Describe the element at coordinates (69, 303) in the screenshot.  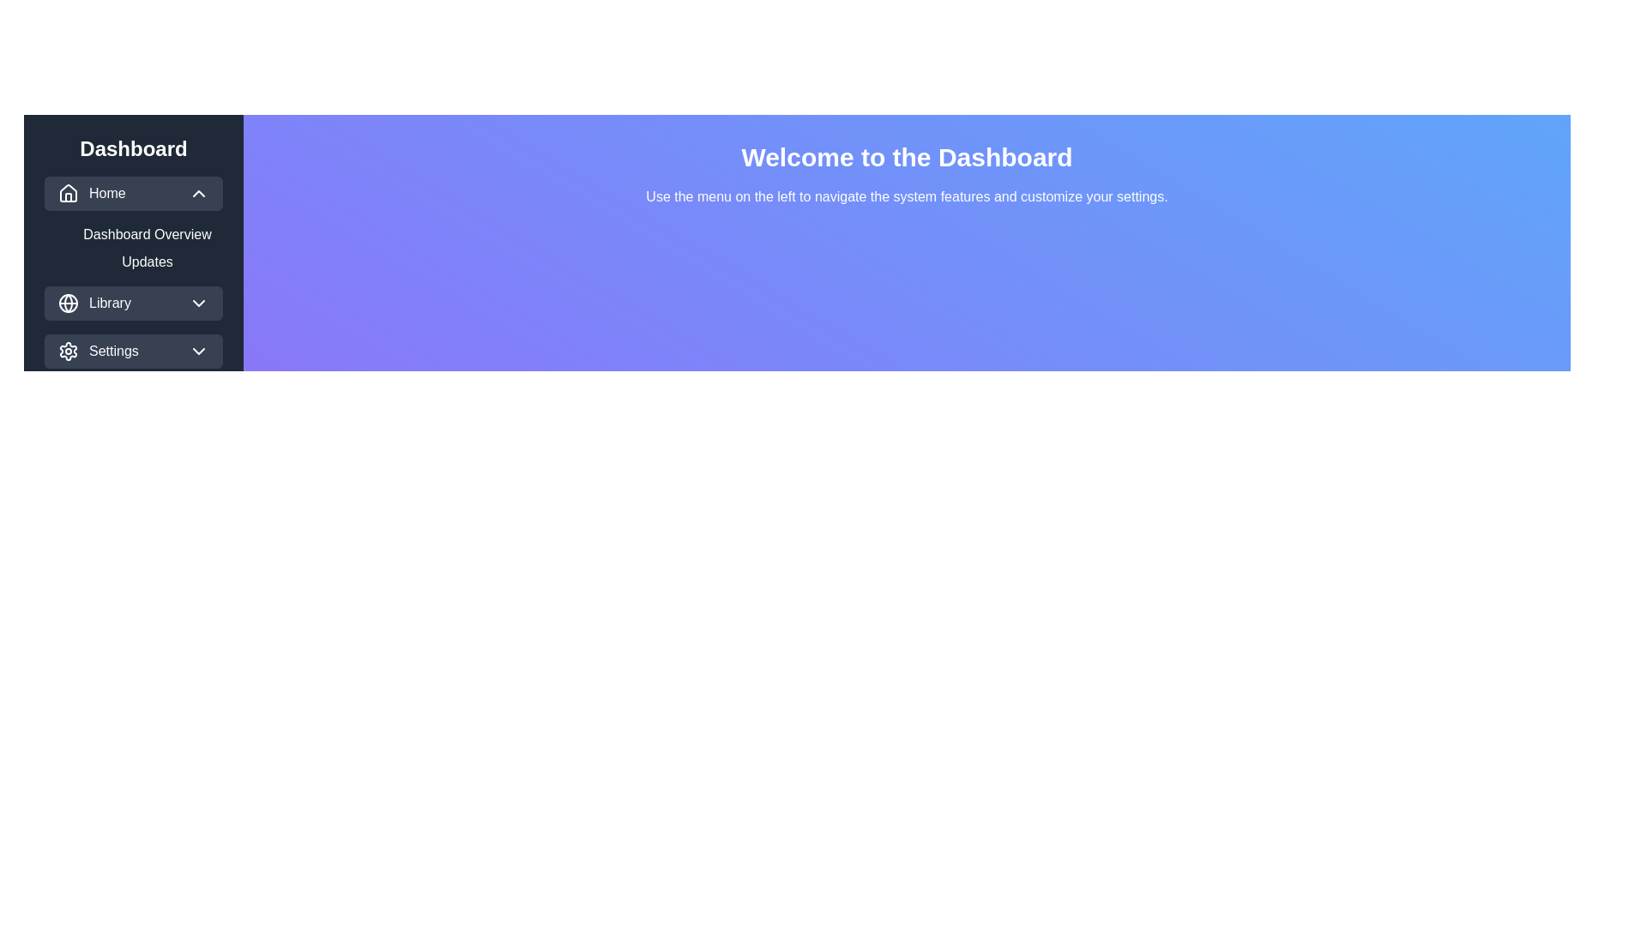
I see `the globe-shaped icon in the left sidebar under 'Dashboard Overview', next to the 'Library' text` at that location.